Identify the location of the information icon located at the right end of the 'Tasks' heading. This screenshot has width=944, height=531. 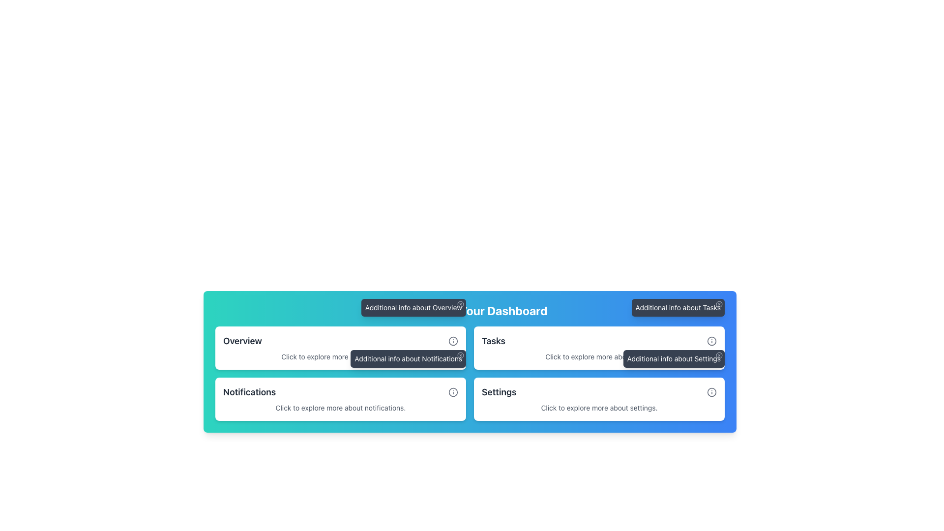
(712, 341).